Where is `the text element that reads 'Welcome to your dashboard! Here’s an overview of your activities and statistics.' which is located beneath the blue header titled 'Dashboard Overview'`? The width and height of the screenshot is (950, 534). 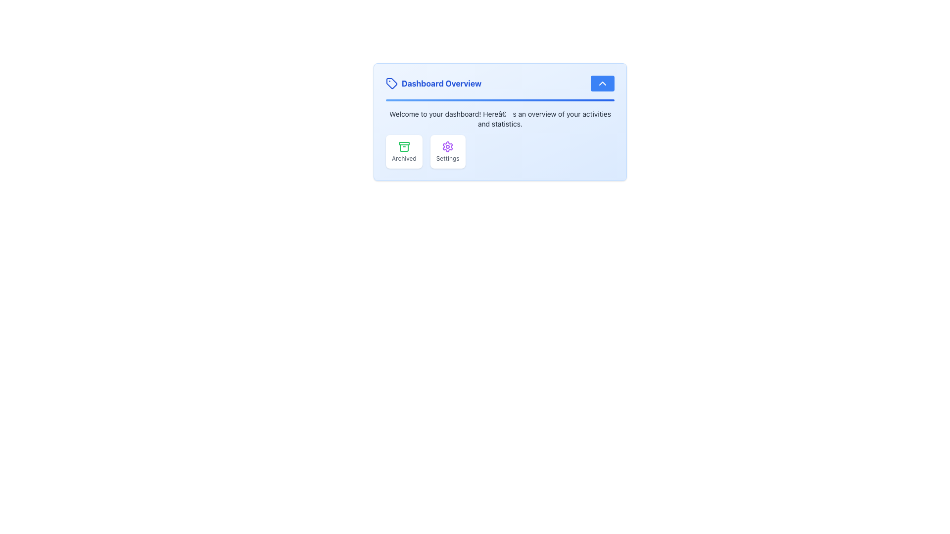
the text element that reads 'Welcome to your dashboard! Here’s an overview of your activities and statistics.' which is located beneath the blue header titled 'Dashboard Overview' is located at coordinates (500, 118).